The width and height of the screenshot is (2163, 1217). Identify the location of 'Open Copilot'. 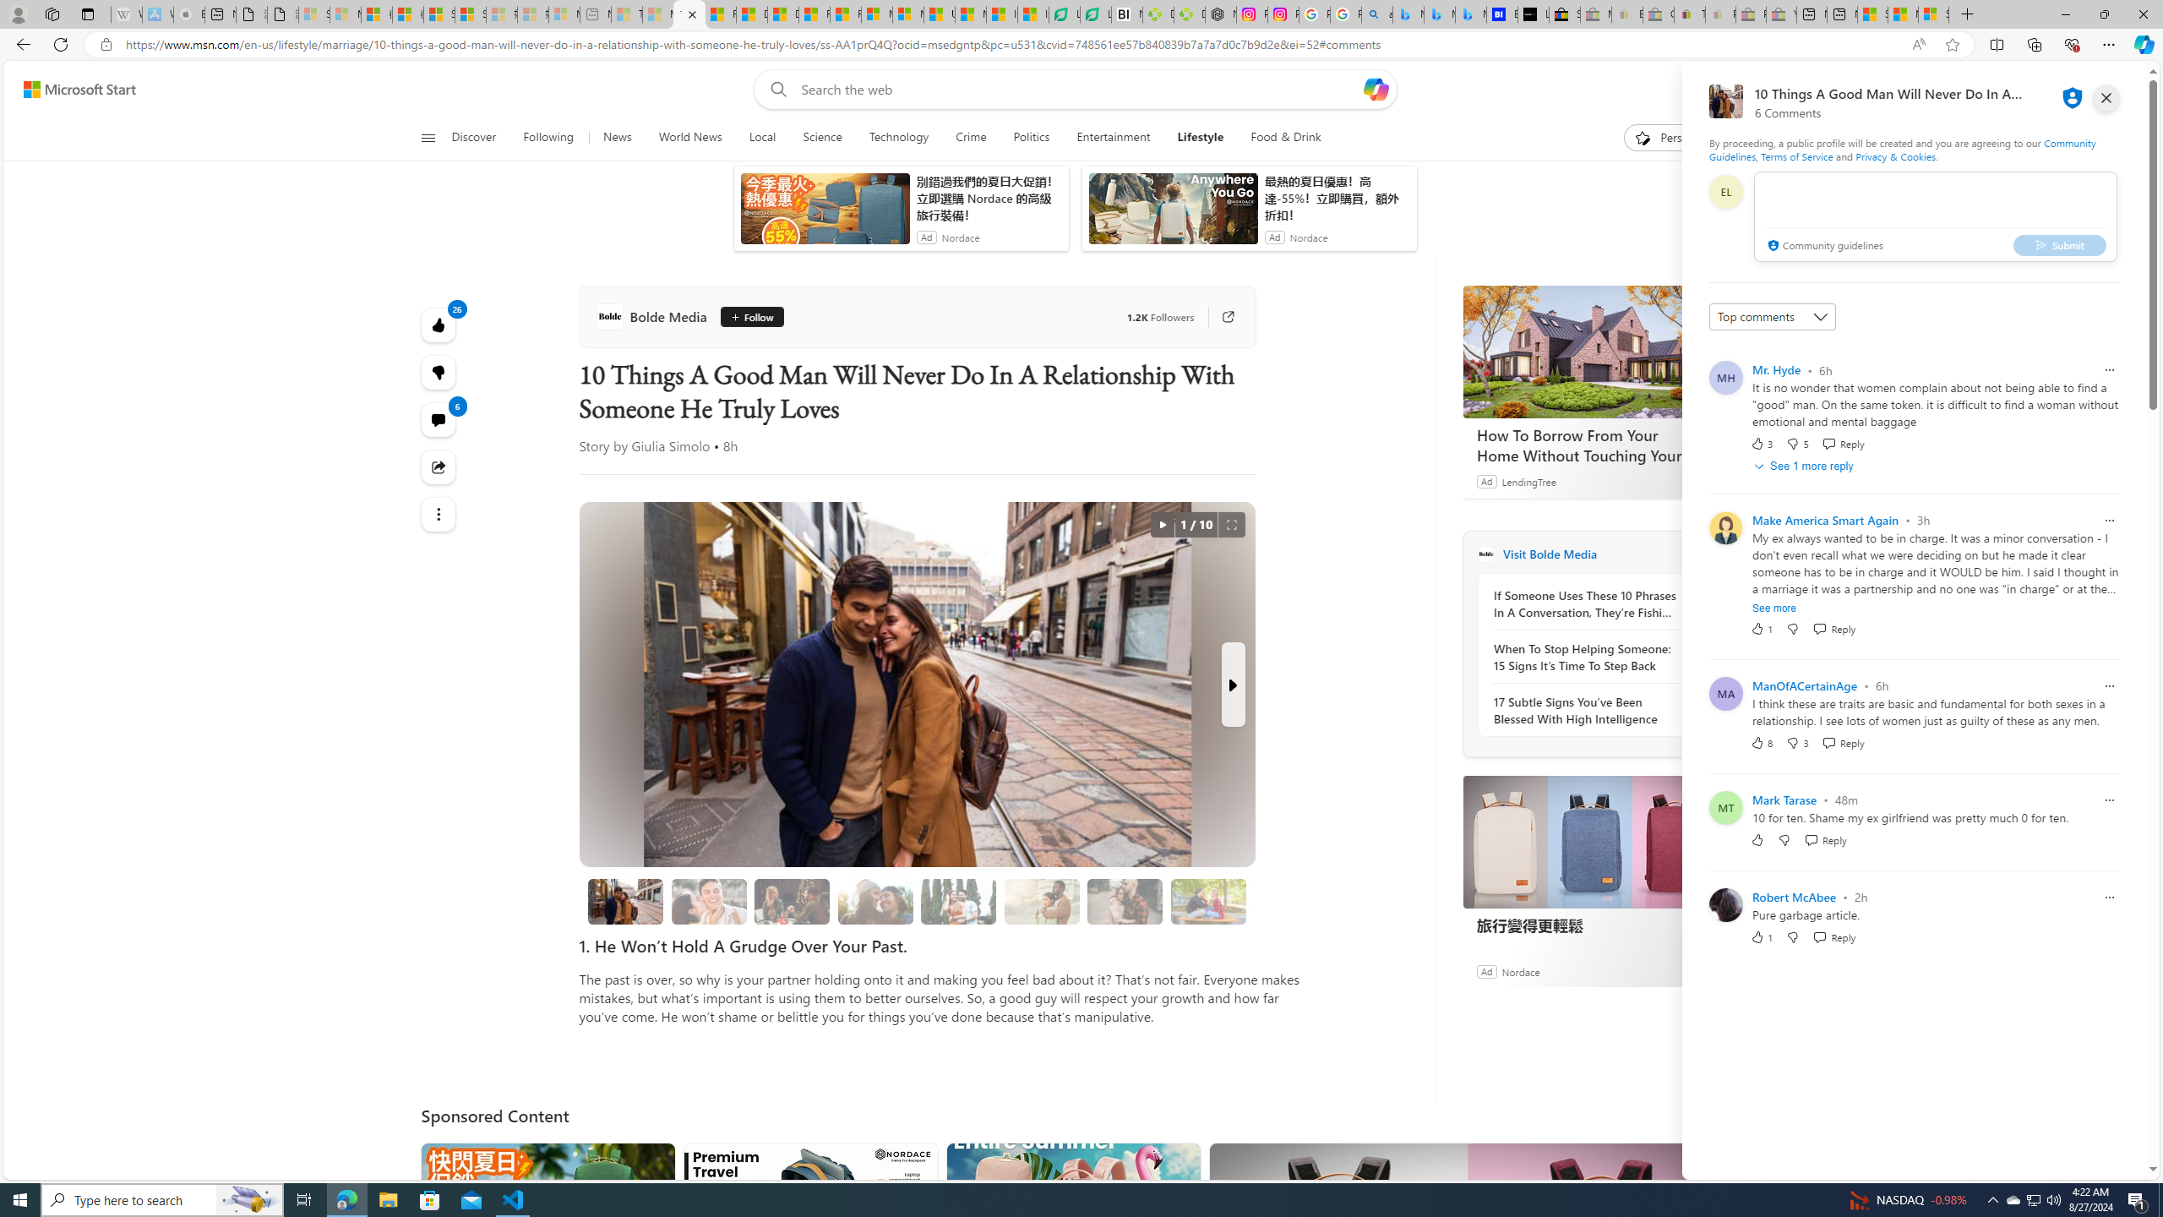
(1376, 88).